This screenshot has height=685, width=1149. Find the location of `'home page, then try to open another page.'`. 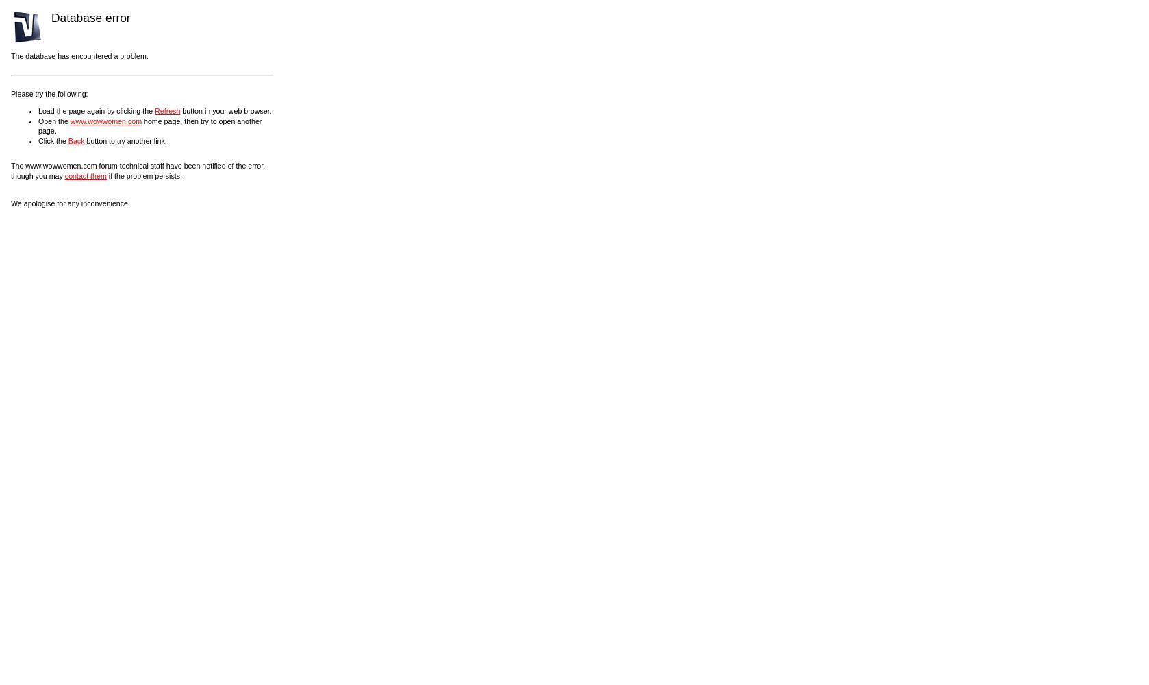

'home page, then try to open another page.' is located at coordinates (149, 125).